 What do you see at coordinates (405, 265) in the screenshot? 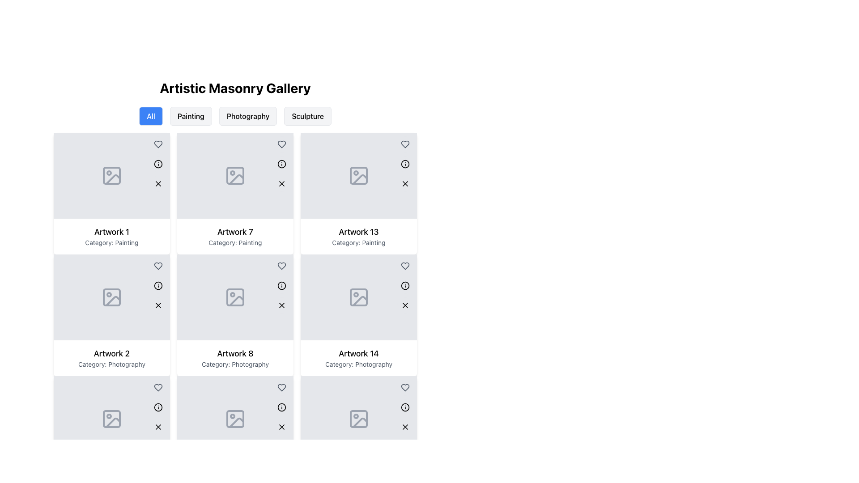
I see `the heart icon button located at the top-right corner of the card labeled 'Artwork 13'` at bounding box center [405, 265].